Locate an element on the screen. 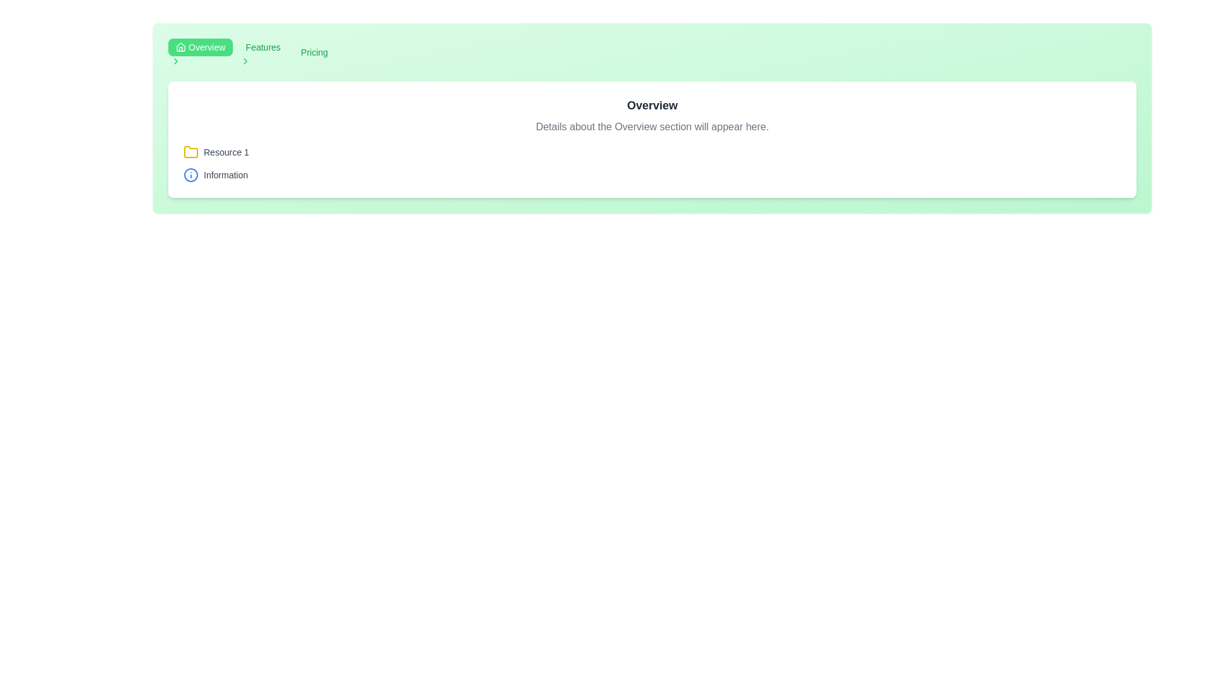  the circular outline decorative SVG element located in the lower part of the information icon, situated underneath the 'i' symbol is located at coordinates (190, 175).